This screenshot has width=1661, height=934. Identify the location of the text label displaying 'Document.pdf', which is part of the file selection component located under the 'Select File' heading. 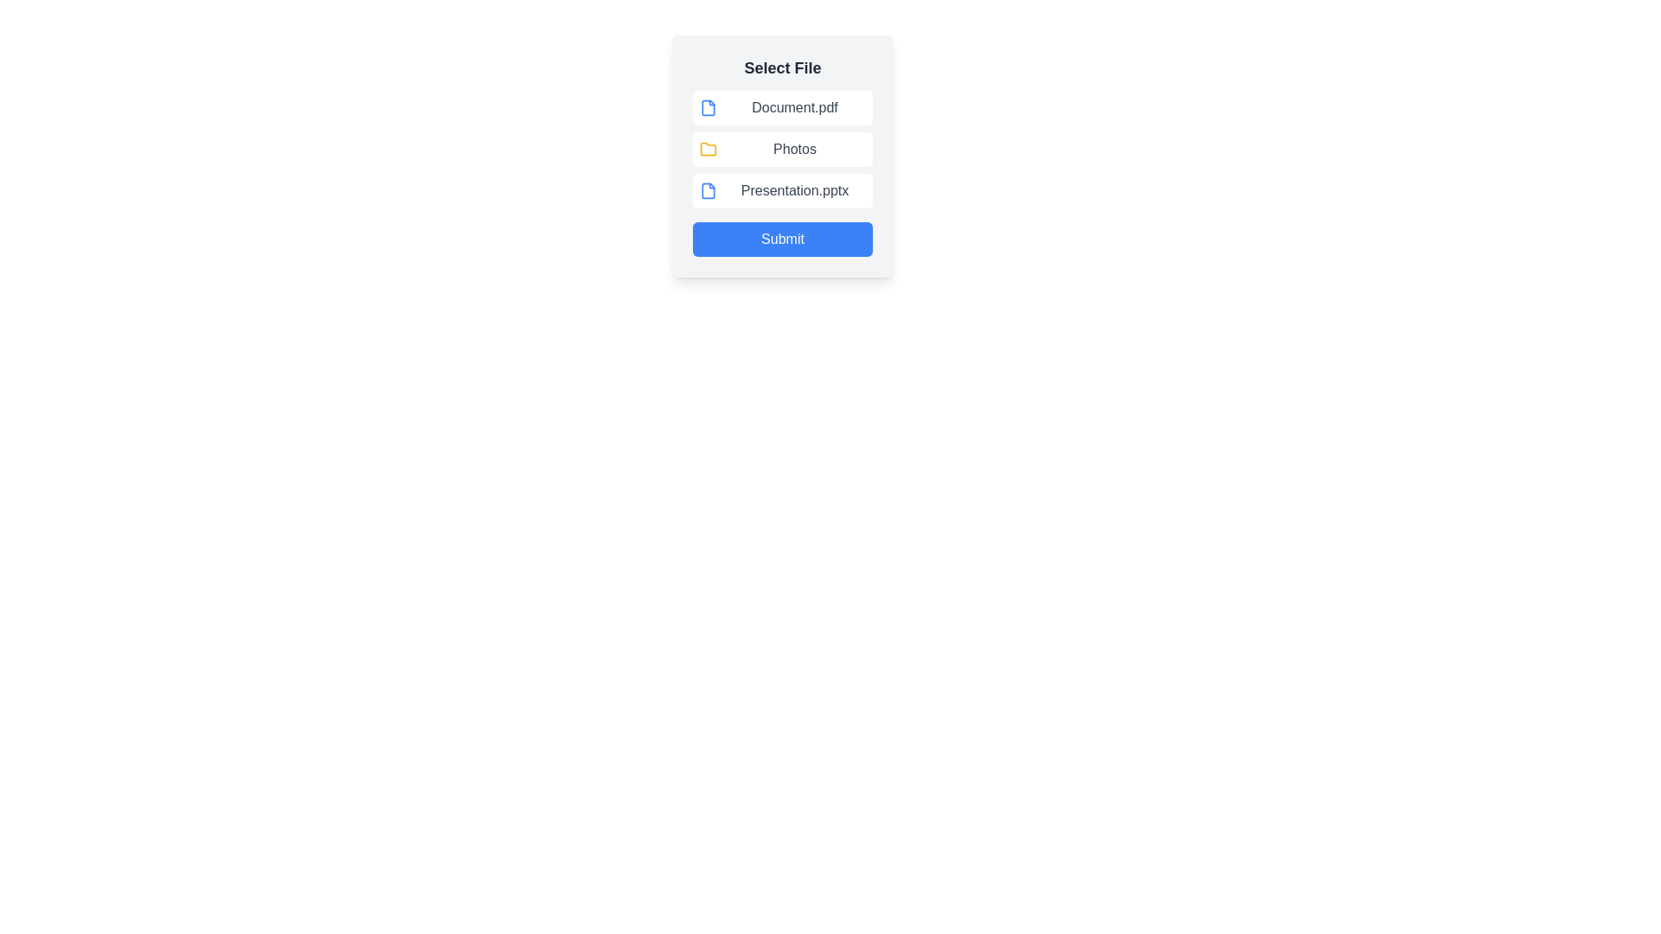
(793, 107).